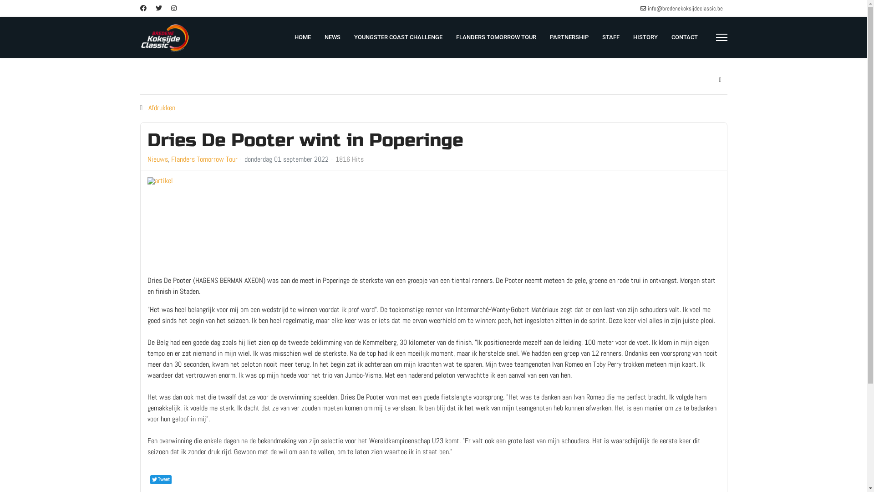 Image resolution: width=874 pixels, height=492 pixels. I want to click on 'HOME', so click(303, 36).